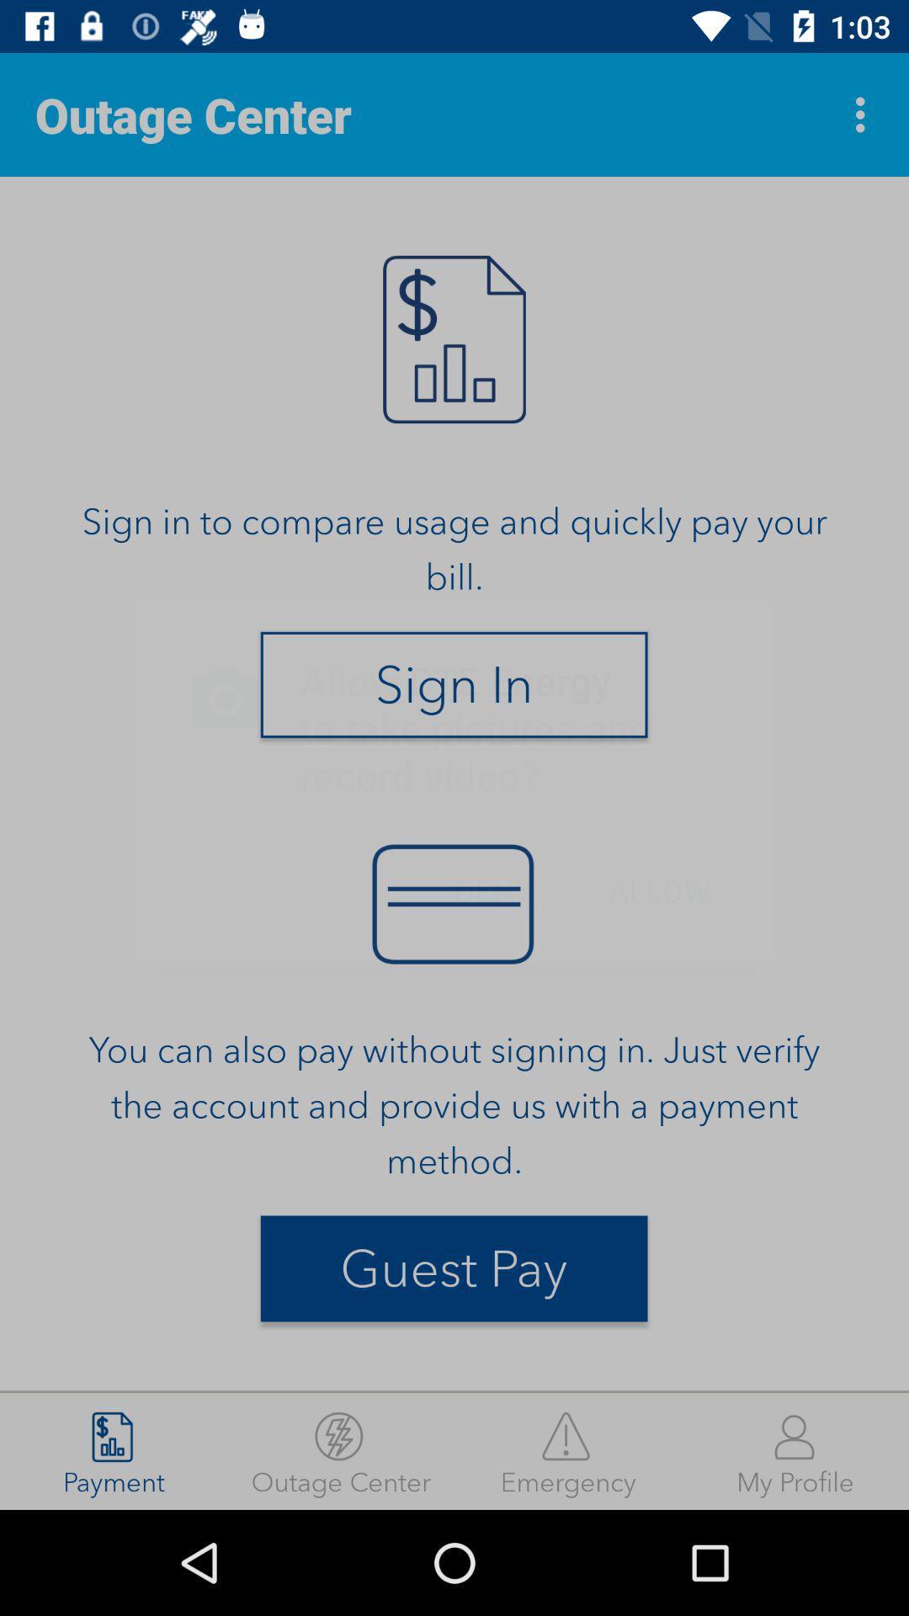 The width and height of the screenshot is (909, 1616). What do you see at coordinates (795, 1450) in the screenshot?
I see `the item at the bottom right corner` at bounding box center [795, 1450].